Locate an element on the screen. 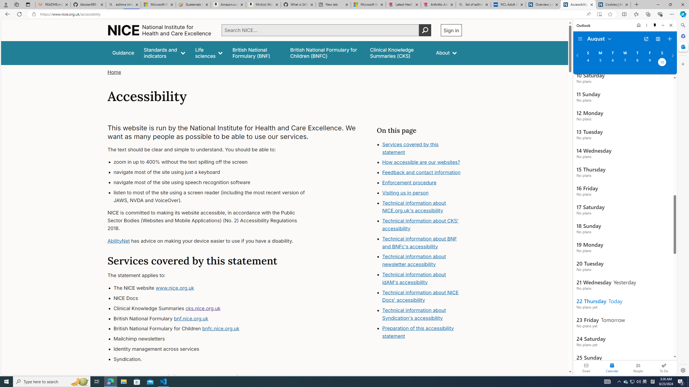  'Perform search' is located at coordinates (425, 30).